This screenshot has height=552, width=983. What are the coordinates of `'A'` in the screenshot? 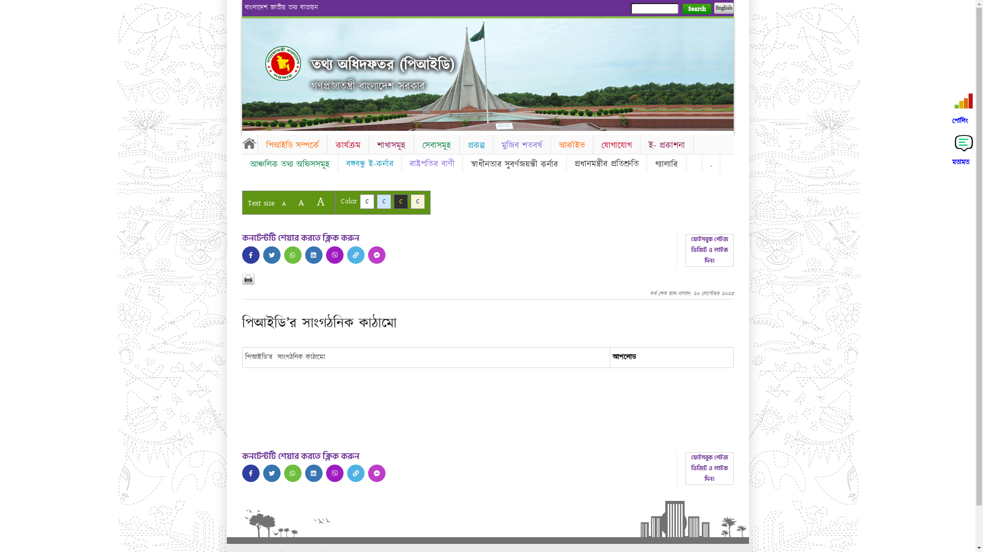 It's located at (300, 202).